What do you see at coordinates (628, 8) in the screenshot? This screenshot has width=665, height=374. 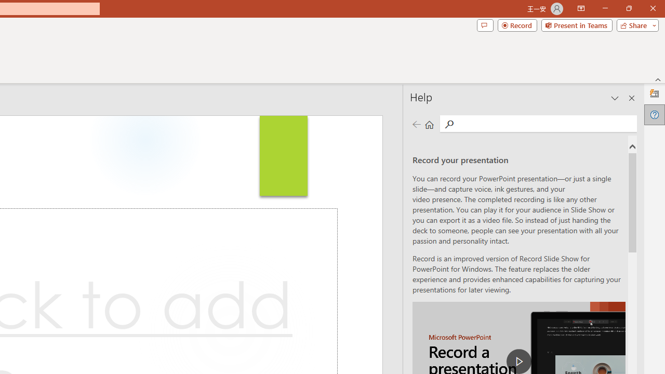 I see `'Restore Down'` at bounding box center [628, 8].